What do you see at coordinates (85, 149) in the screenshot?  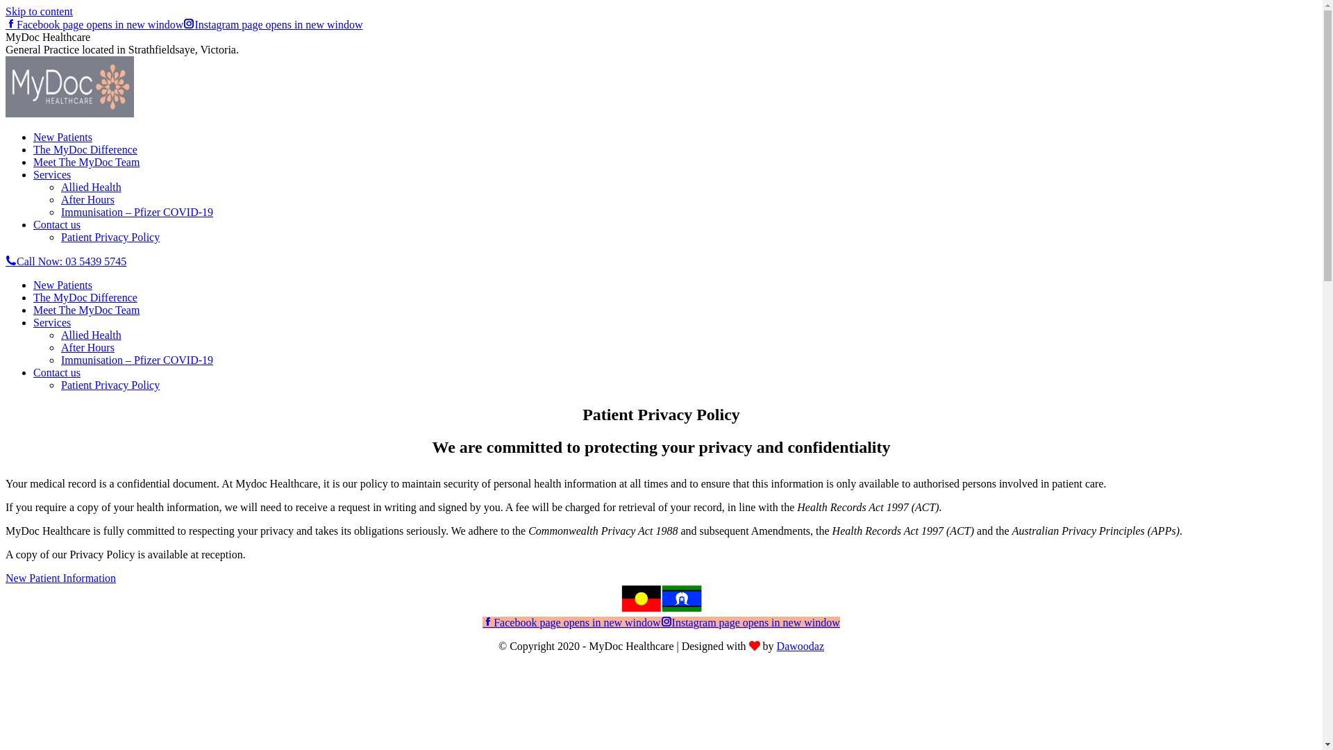 I see `'The MyDoc Difference'` at bounding box center [85, 149].